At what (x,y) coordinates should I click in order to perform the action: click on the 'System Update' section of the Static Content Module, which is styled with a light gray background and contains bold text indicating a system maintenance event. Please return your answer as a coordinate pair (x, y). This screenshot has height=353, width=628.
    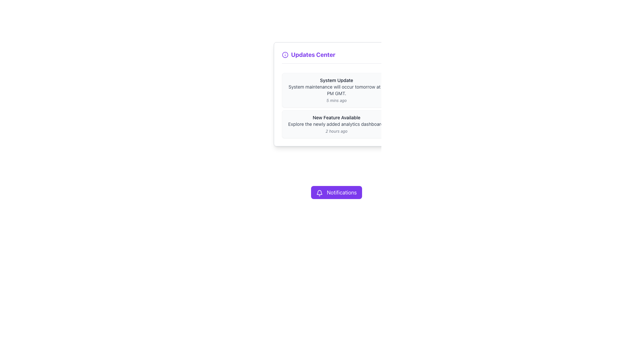
    Looking at the image, I should click on (336, 105).